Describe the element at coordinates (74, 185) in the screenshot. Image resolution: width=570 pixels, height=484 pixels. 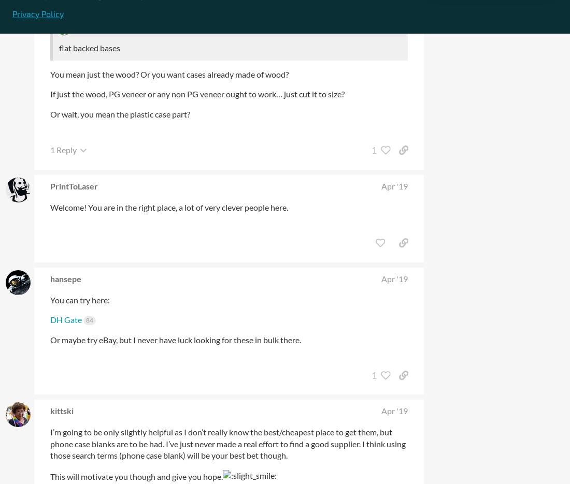
I see `'PrintToLaser'` at that location.